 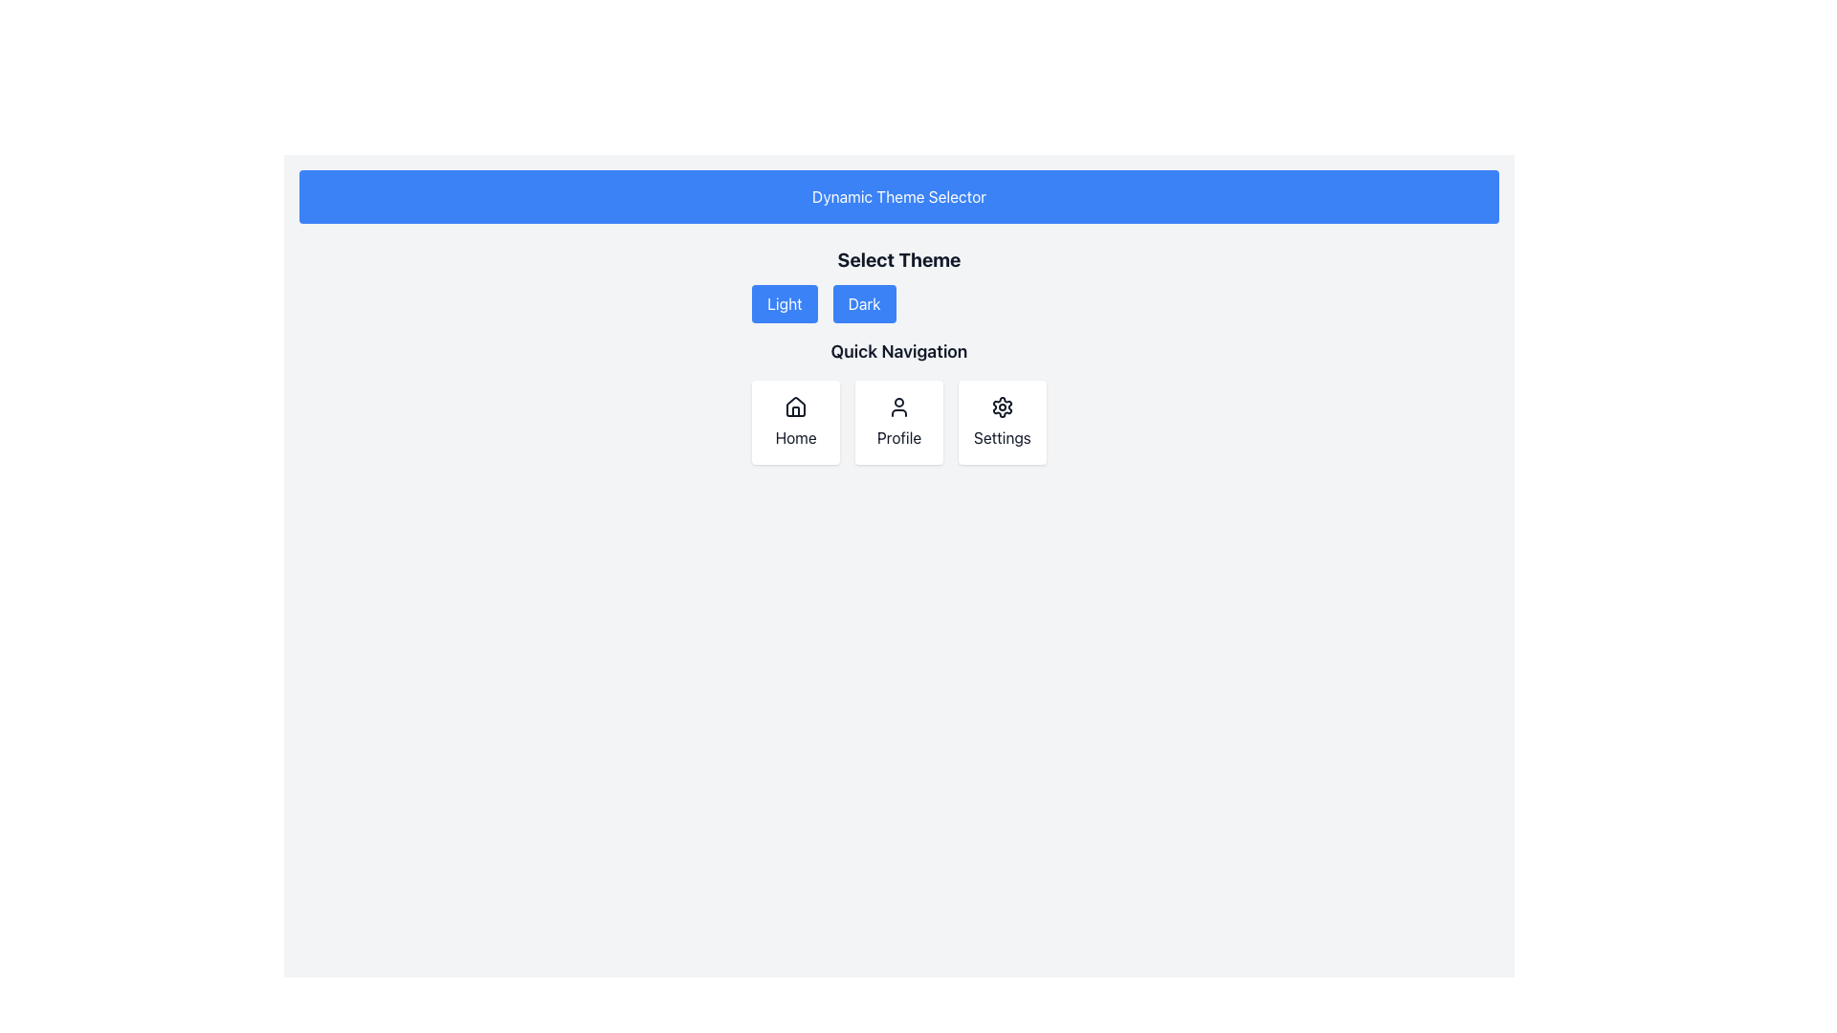 I want to click on the 'Home' button, the first card in the grid that navigates to the main page or dashboard, so click(x=796, y=422).